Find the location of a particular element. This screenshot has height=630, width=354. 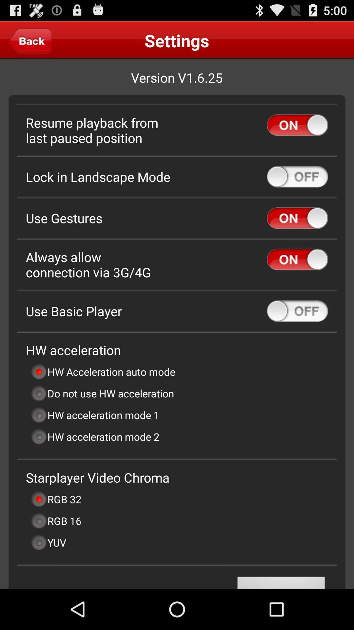

the do not use item is located at coordinates (102, 393).